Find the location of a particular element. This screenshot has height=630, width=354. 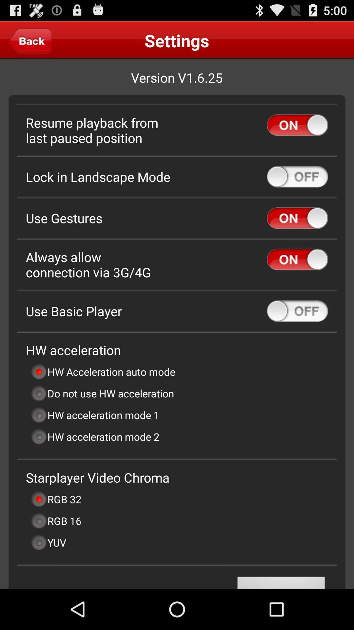

the do not use item is located at coordinates (102, 393).